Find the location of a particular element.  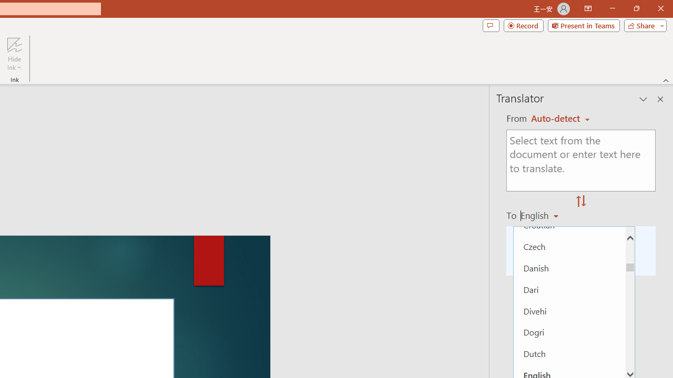

'Czech' is located at coordinates (569, 246).